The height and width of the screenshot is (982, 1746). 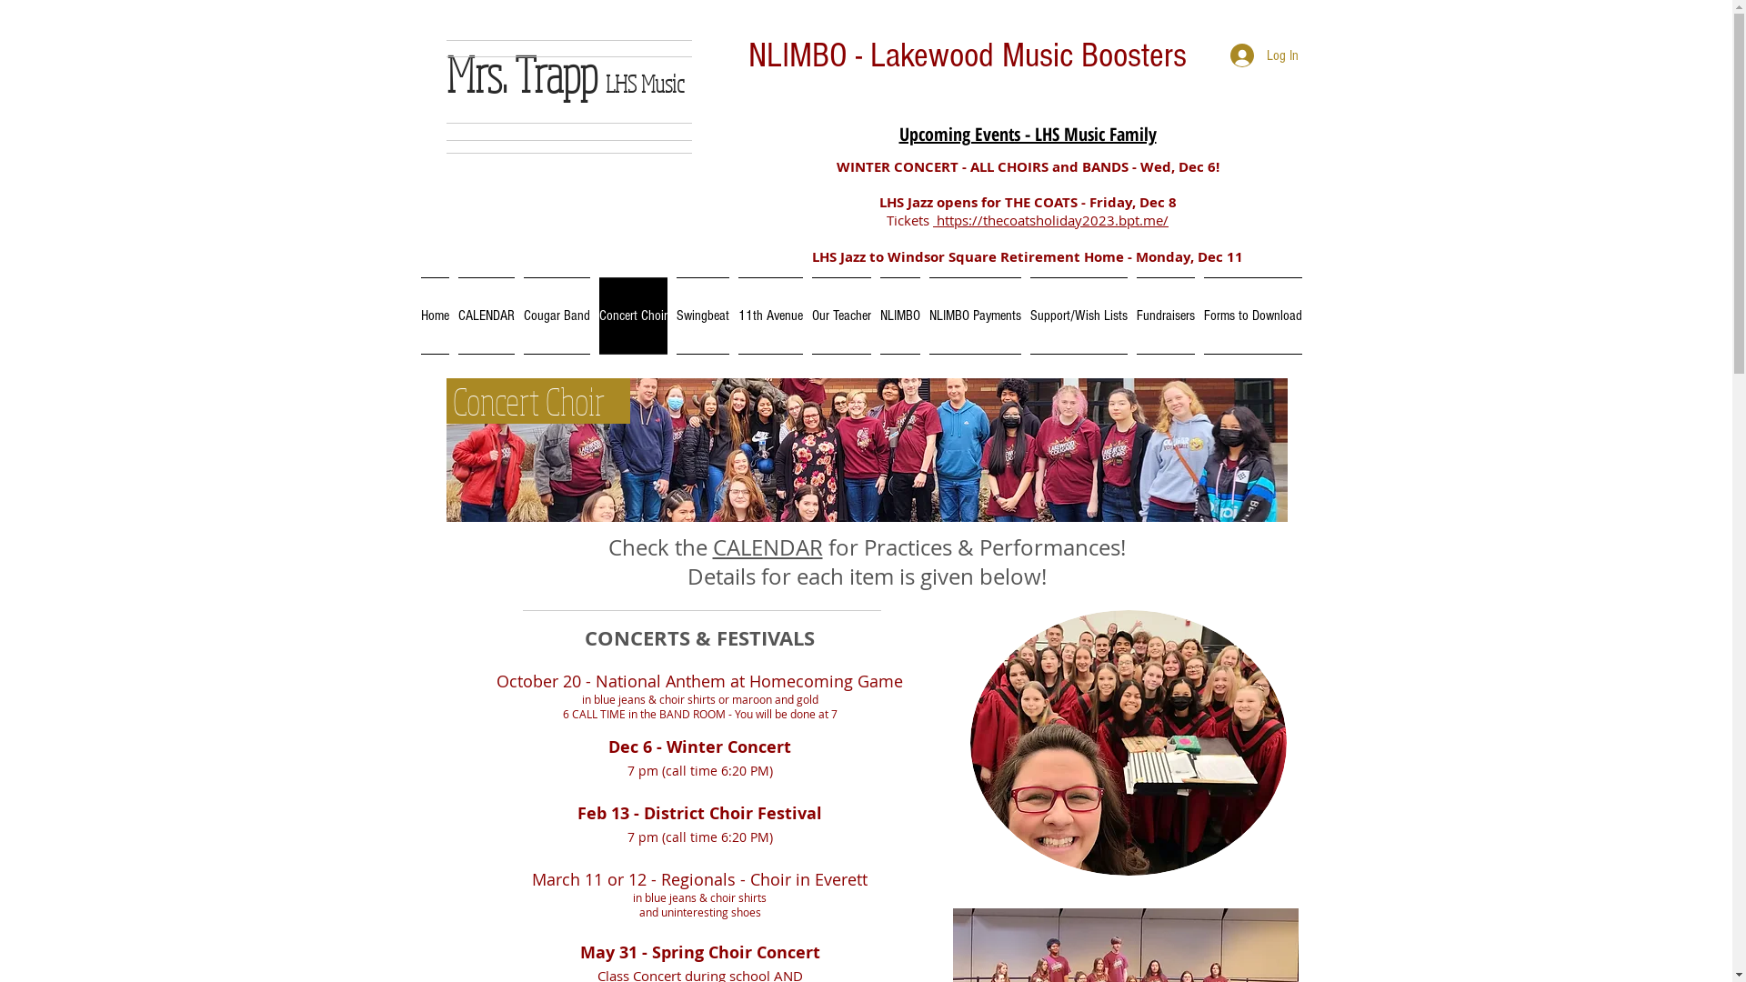 What do you see at coordinates (1050, 219) in the screenshot?
I see `'https://thecoatsholiday2023.bpt.me/'` at bounding box center [1050, 219].